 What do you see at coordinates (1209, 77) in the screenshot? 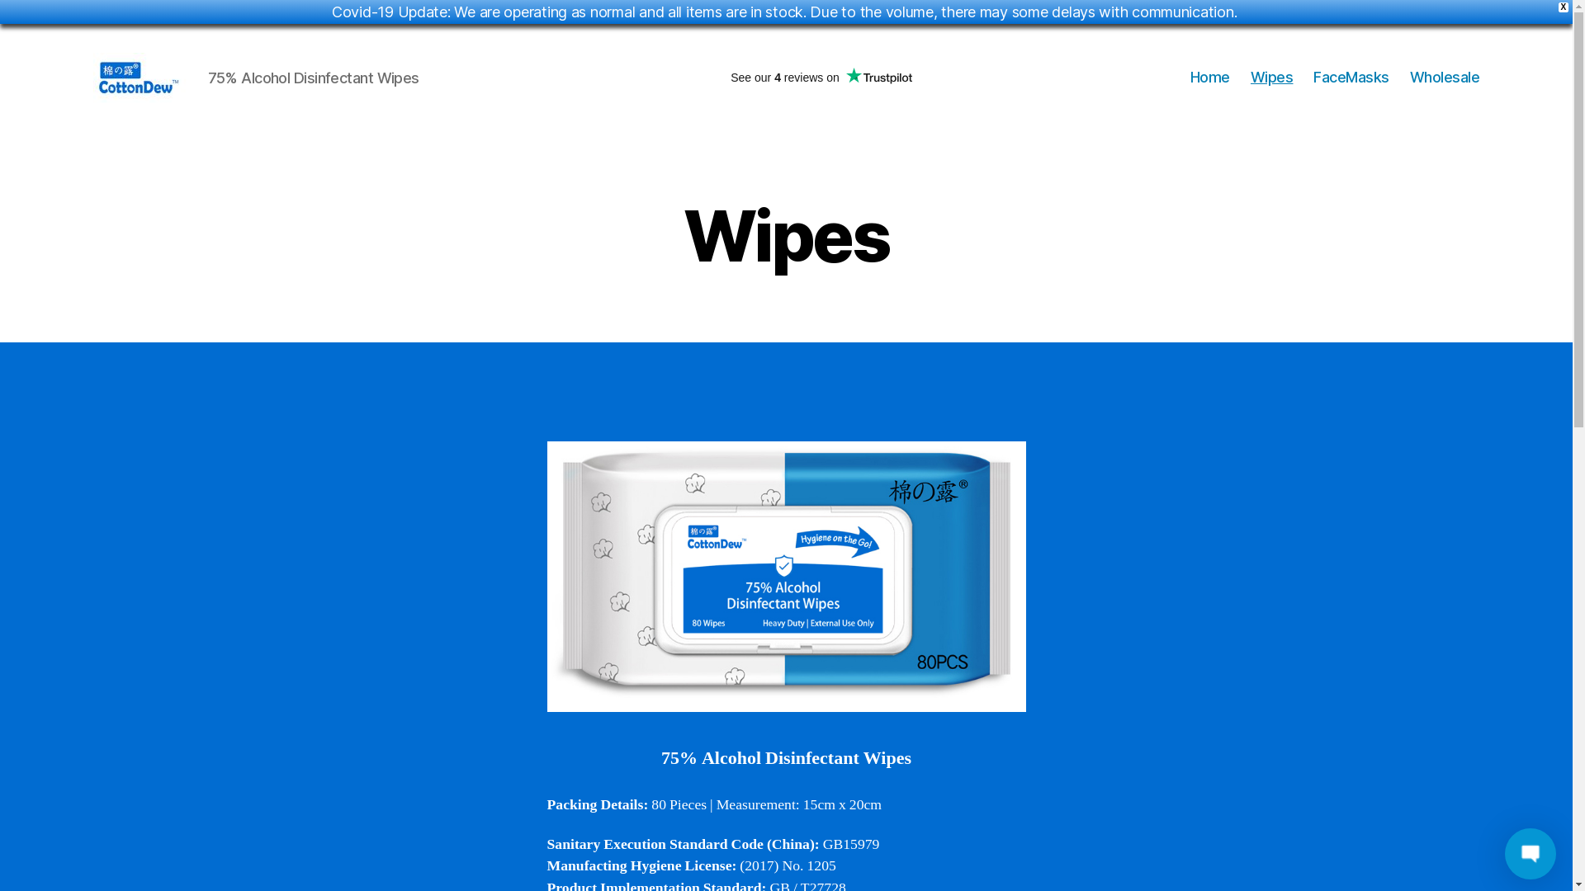
I see `'Home'` at bounding box center [1209, 77].